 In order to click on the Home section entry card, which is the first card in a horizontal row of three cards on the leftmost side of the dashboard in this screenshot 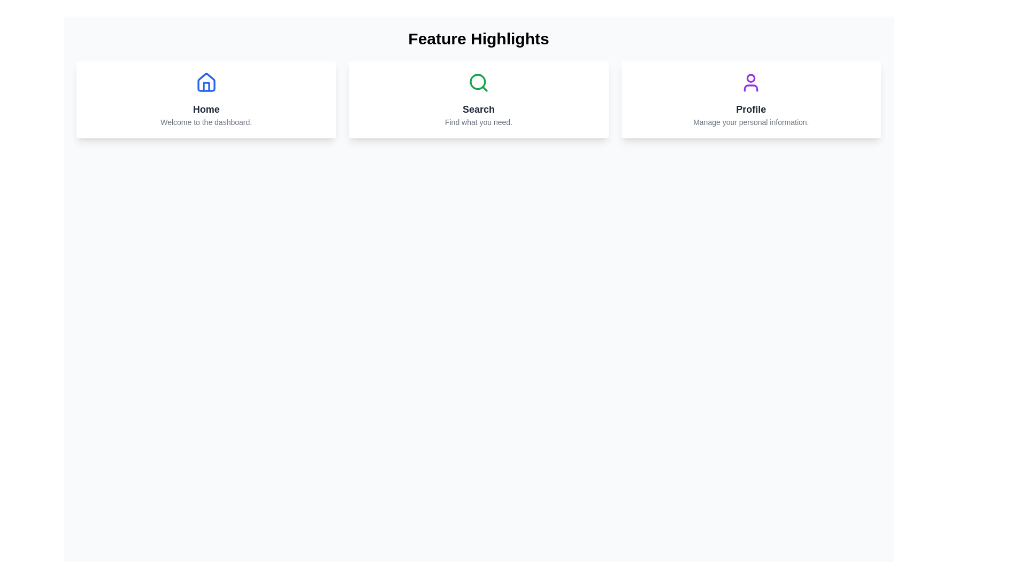, I will do `click(206, 99)`.